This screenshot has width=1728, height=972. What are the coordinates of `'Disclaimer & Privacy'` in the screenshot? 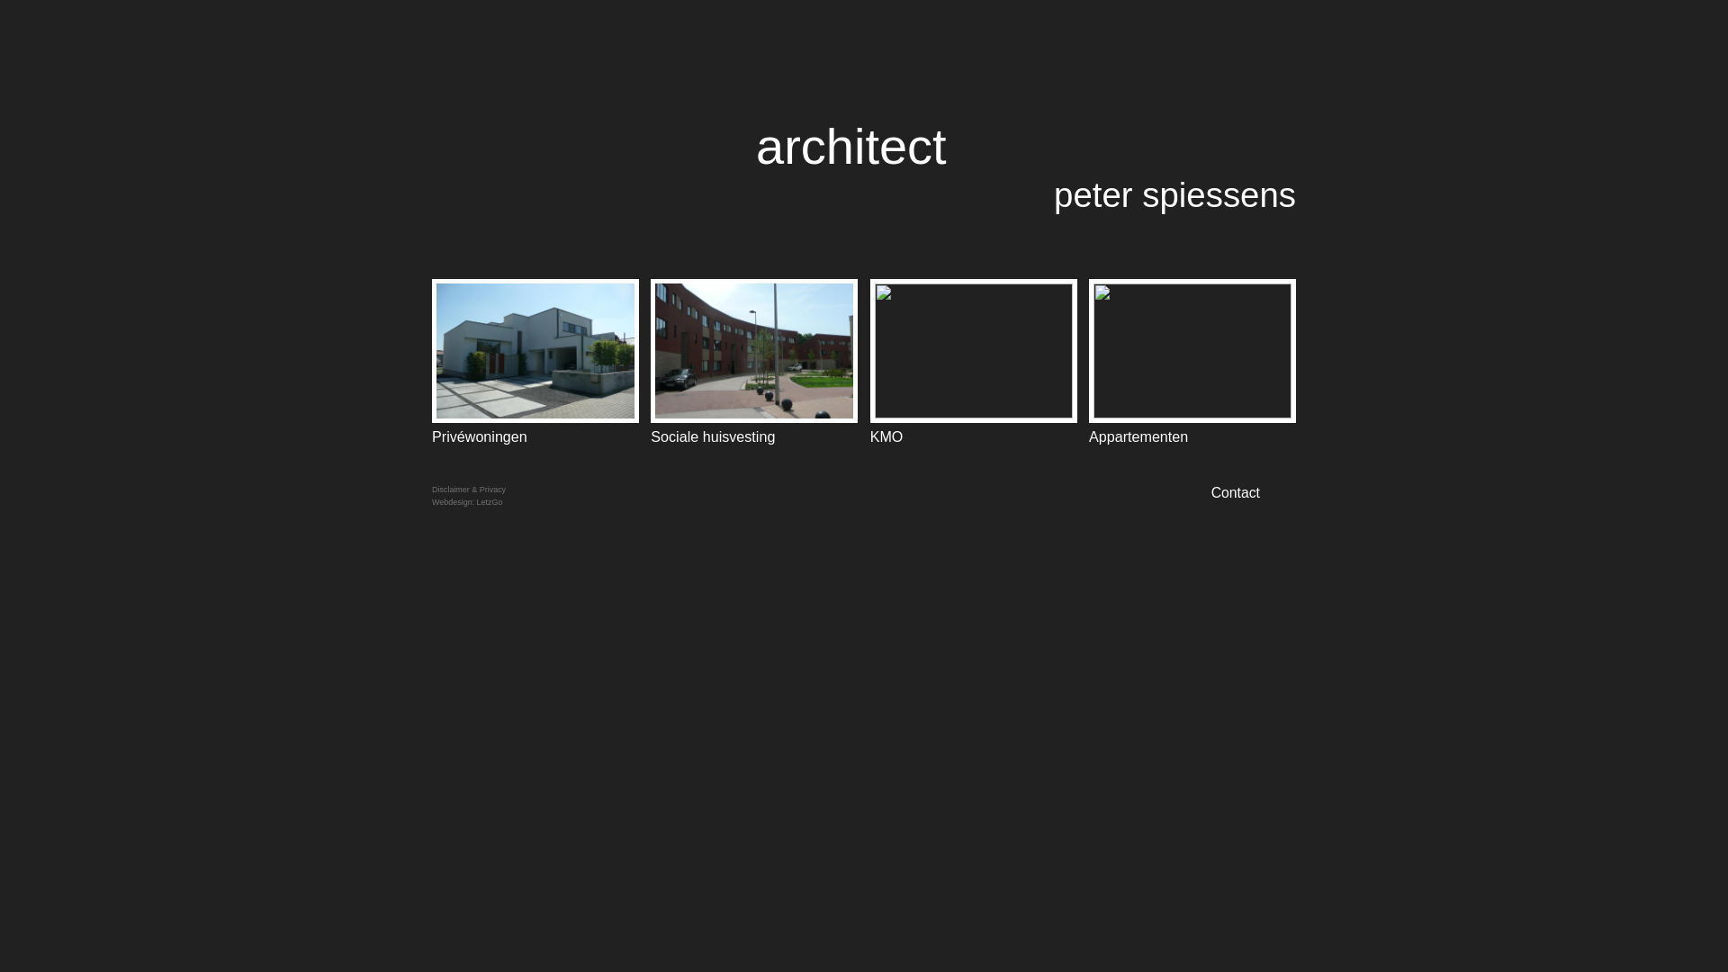 It's located at (469, 489).